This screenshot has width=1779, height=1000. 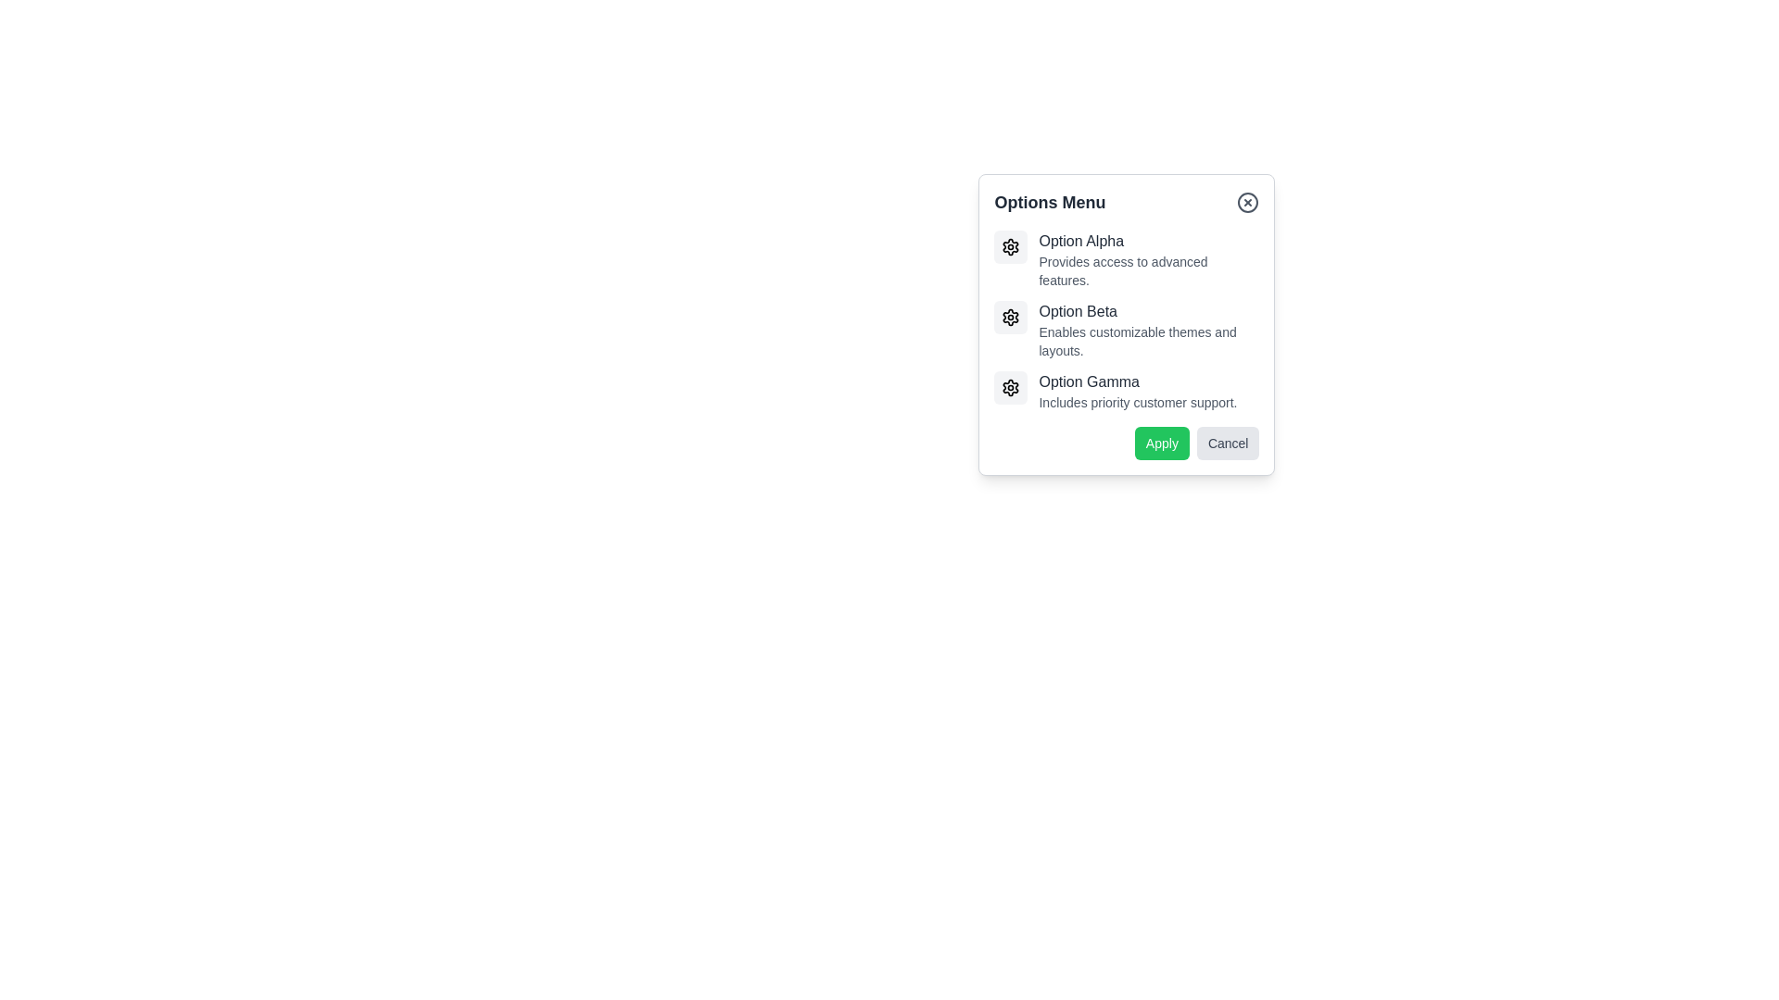 I want to click on description of the List item with an icon and text that allows users to enable customizable themes and layouts, located in the 'Options Menu' modal, directly below 'Option Alpha', so click(x=1126, y=330).